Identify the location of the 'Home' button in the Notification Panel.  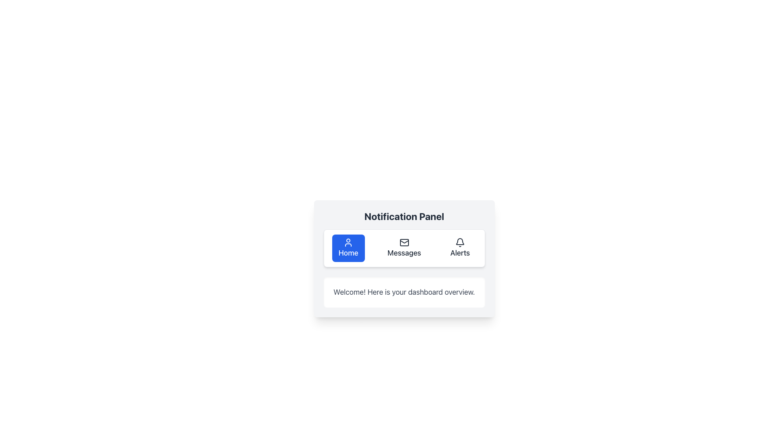
(348, 242).